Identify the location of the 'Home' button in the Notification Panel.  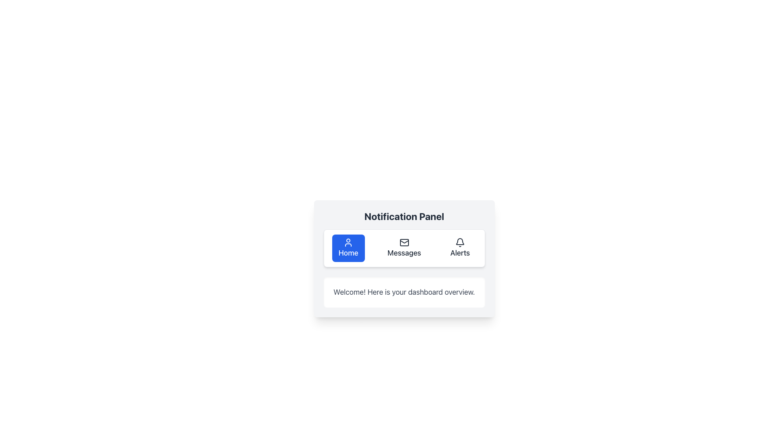
(348, 242).